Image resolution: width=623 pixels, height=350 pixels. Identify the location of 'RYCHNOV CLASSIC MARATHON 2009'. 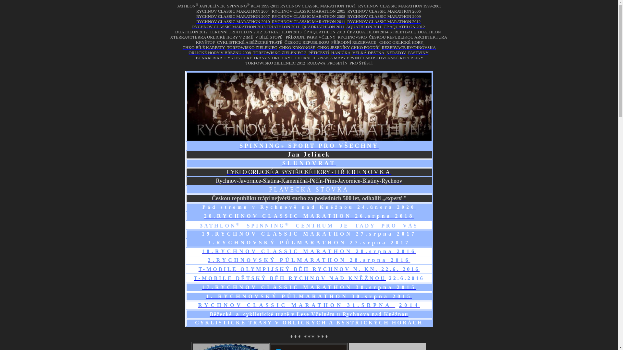
(384, 16).